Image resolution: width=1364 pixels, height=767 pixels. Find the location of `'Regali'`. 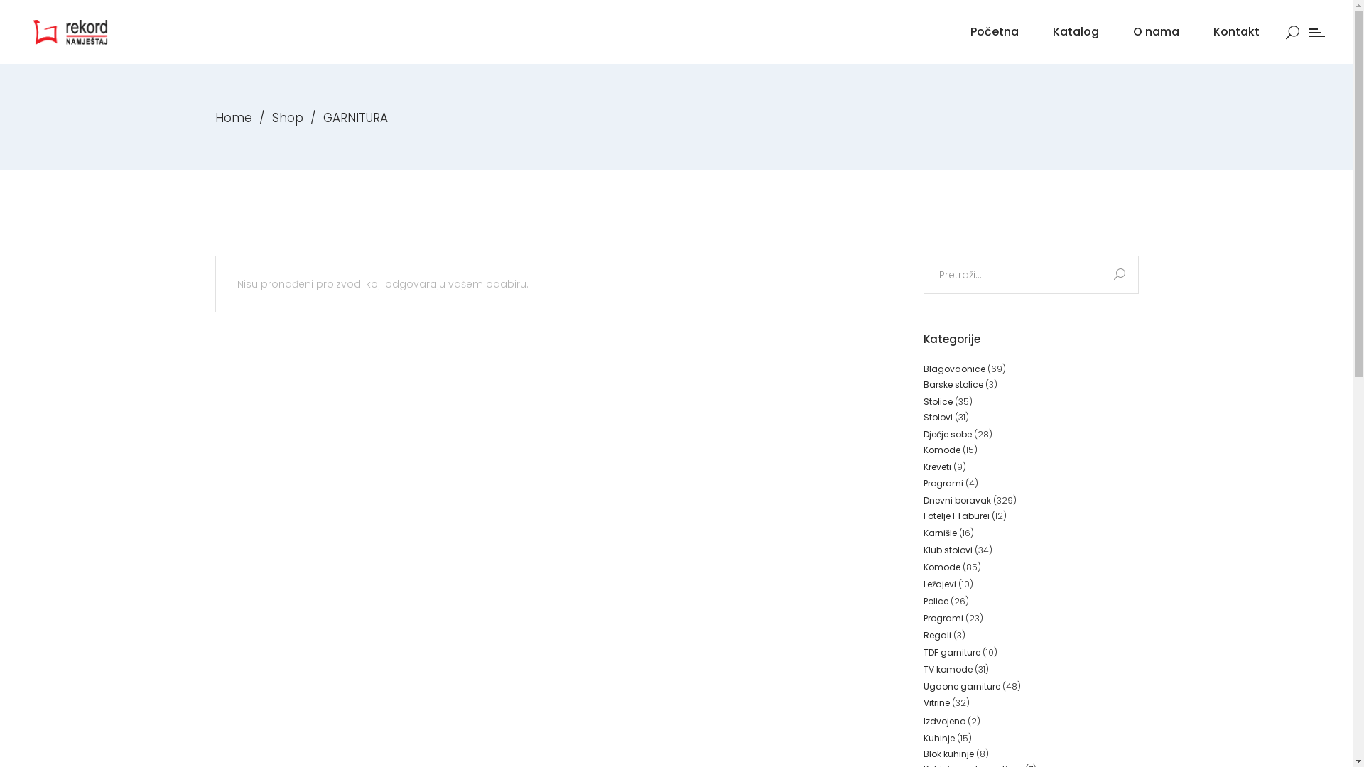

'Regali' is located at coordinates (924, 634).